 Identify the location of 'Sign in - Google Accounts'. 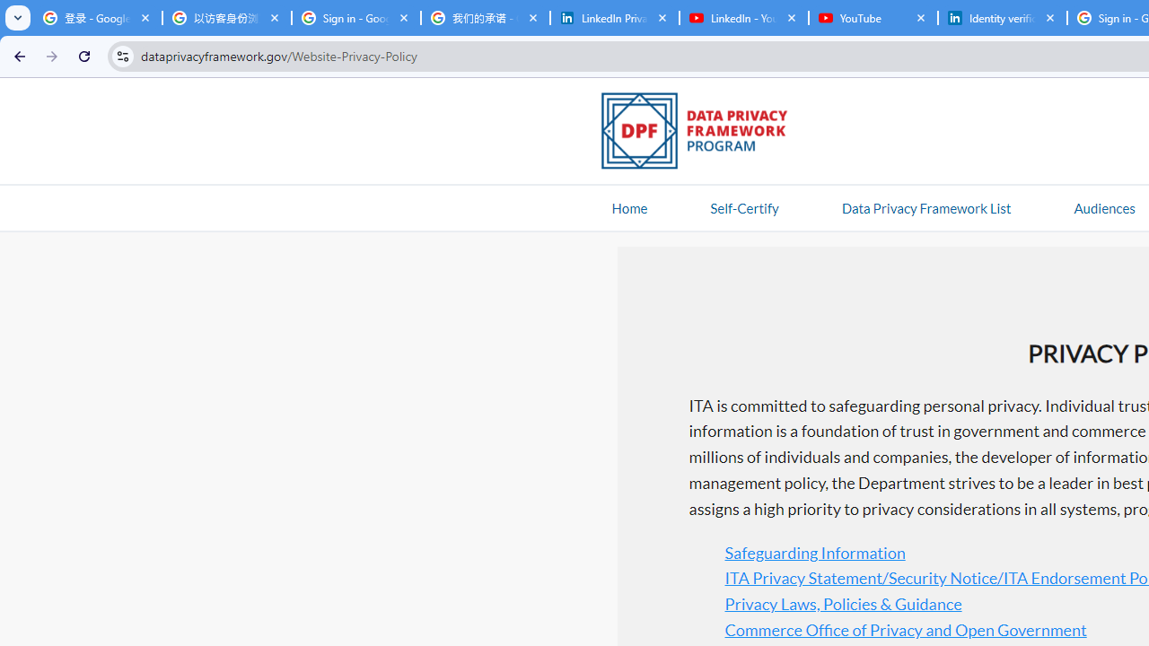
(355, 18).